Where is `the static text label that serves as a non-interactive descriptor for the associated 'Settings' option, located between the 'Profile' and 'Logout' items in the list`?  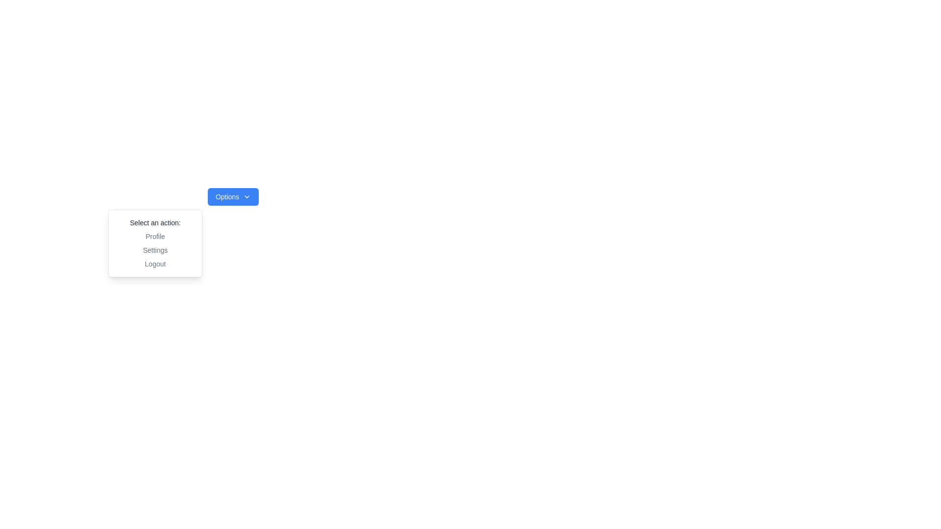
the static text label that serves as a non-interactive descriptor for the associated 'Settings' option, located between the 'Profile' and 'Logout' items in the list is located at coordinates (154, 249).